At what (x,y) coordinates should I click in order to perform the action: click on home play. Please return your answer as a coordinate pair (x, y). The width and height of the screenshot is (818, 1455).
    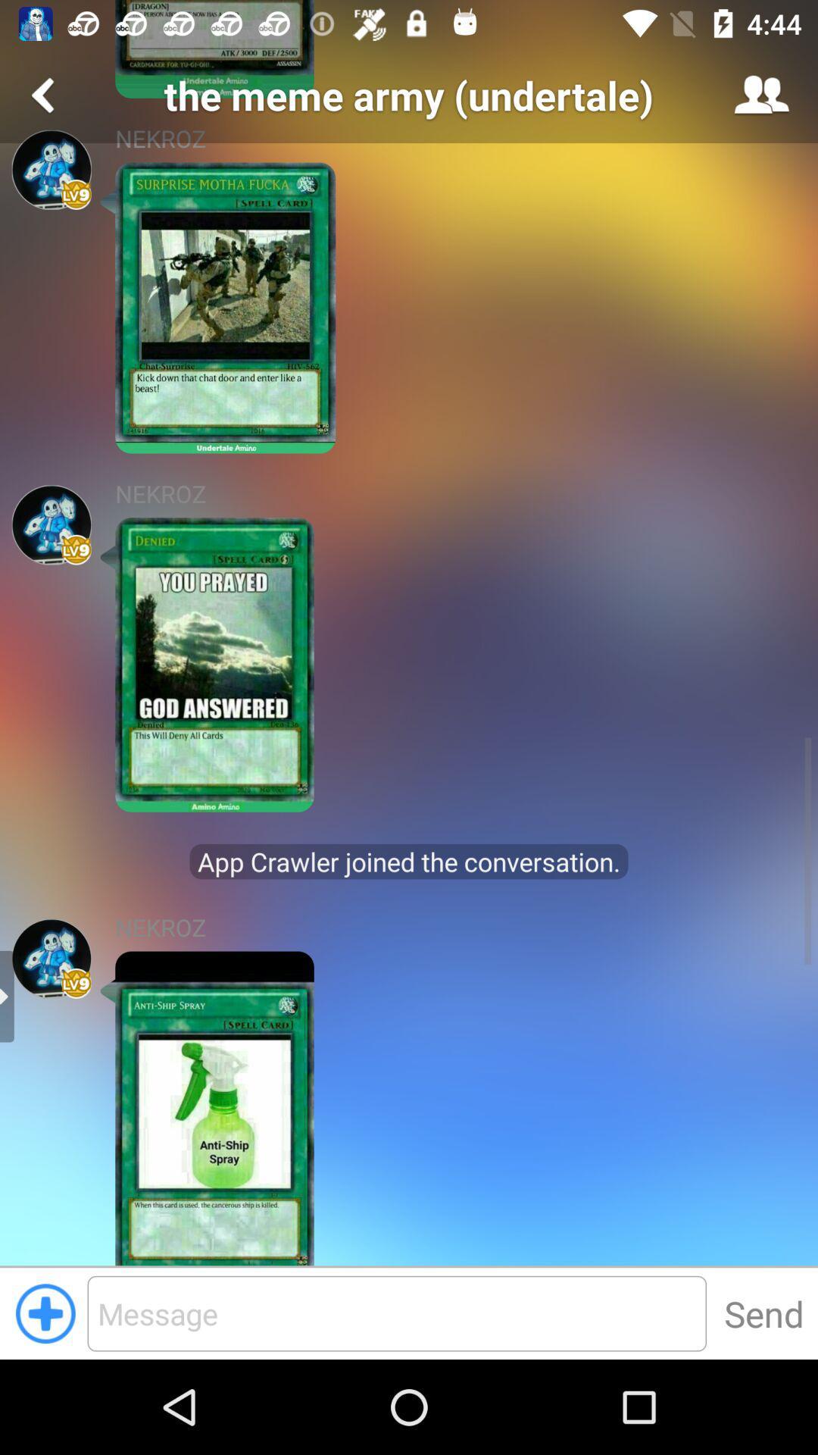
    Looking at the image, I should click on (51, 958).